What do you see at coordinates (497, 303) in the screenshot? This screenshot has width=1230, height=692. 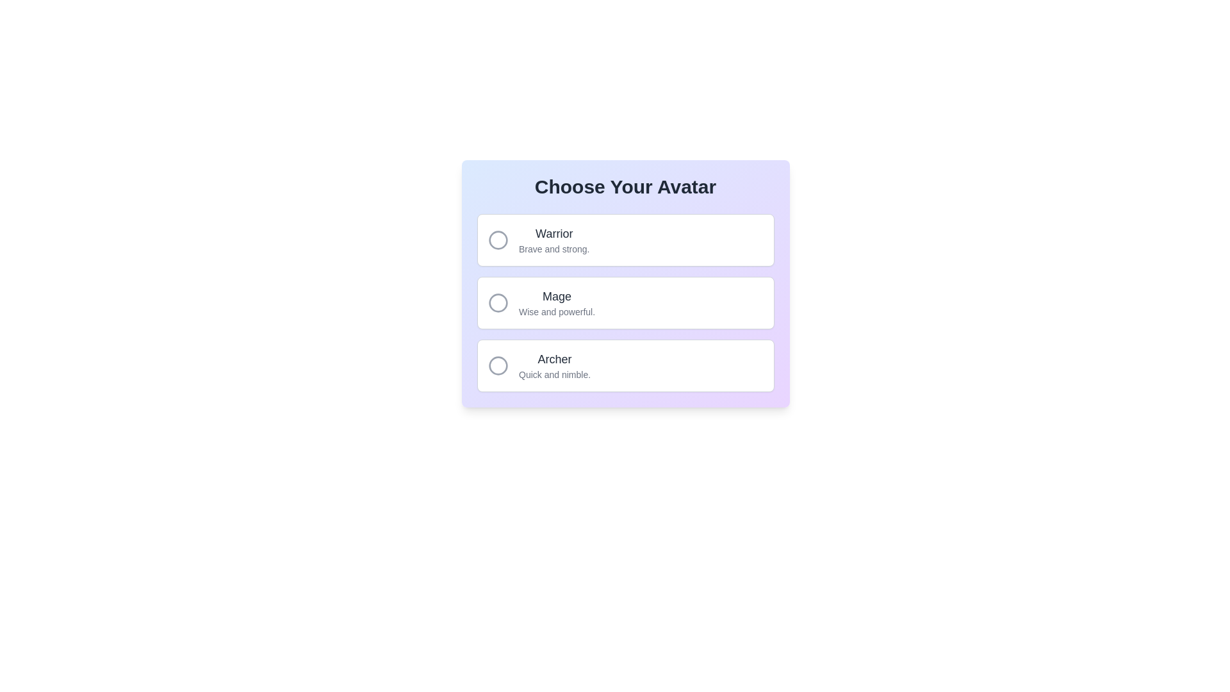 I see `the gray circular selectable indicator (radio button) for the 'Mage' option` at bounding box center [497, 303].